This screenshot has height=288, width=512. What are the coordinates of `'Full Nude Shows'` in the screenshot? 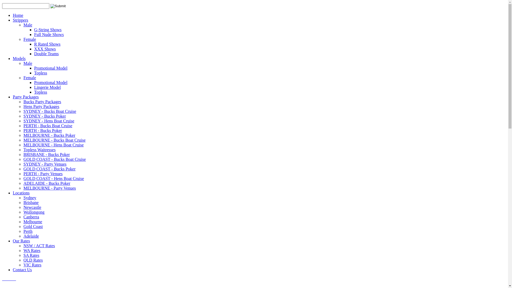 It's located at (34, 34).